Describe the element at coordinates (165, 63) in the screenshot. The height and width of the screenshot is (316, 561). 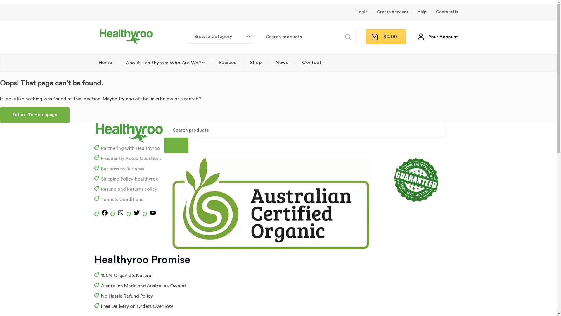
I see `'About Healthyroo: Who Are We?'` at that location.